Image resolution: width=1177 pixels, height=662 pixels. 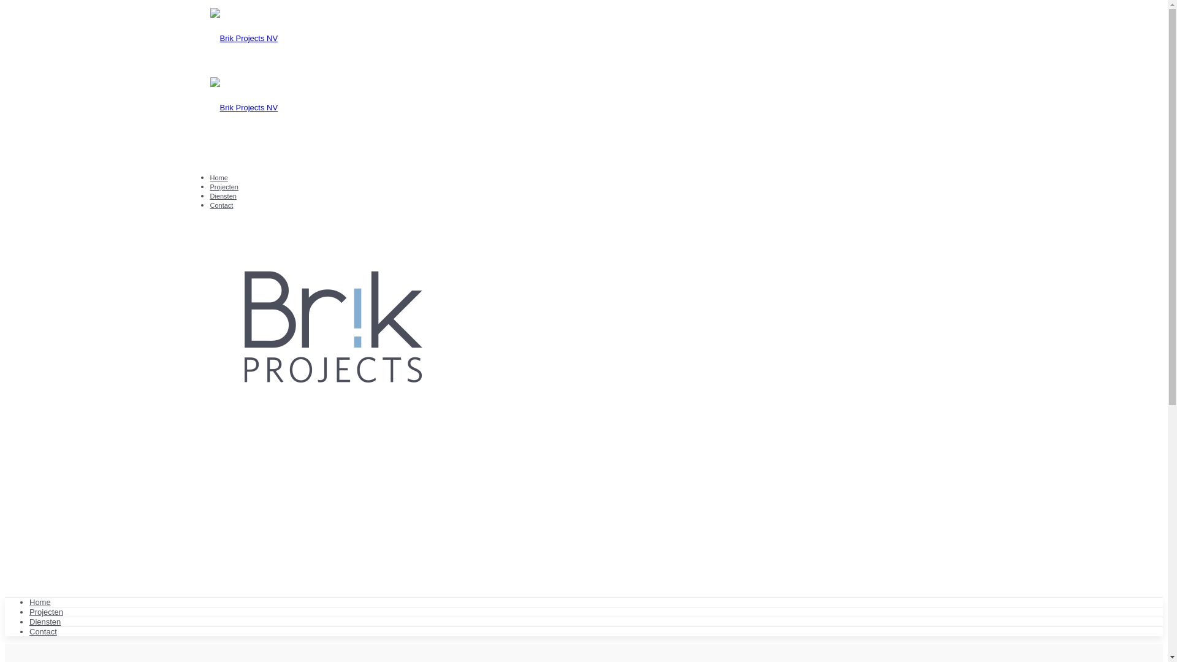 What do you see at coordinates (223, 186) in the screenshot?
I see `'Projecten'` at bounding box center [223, 186].